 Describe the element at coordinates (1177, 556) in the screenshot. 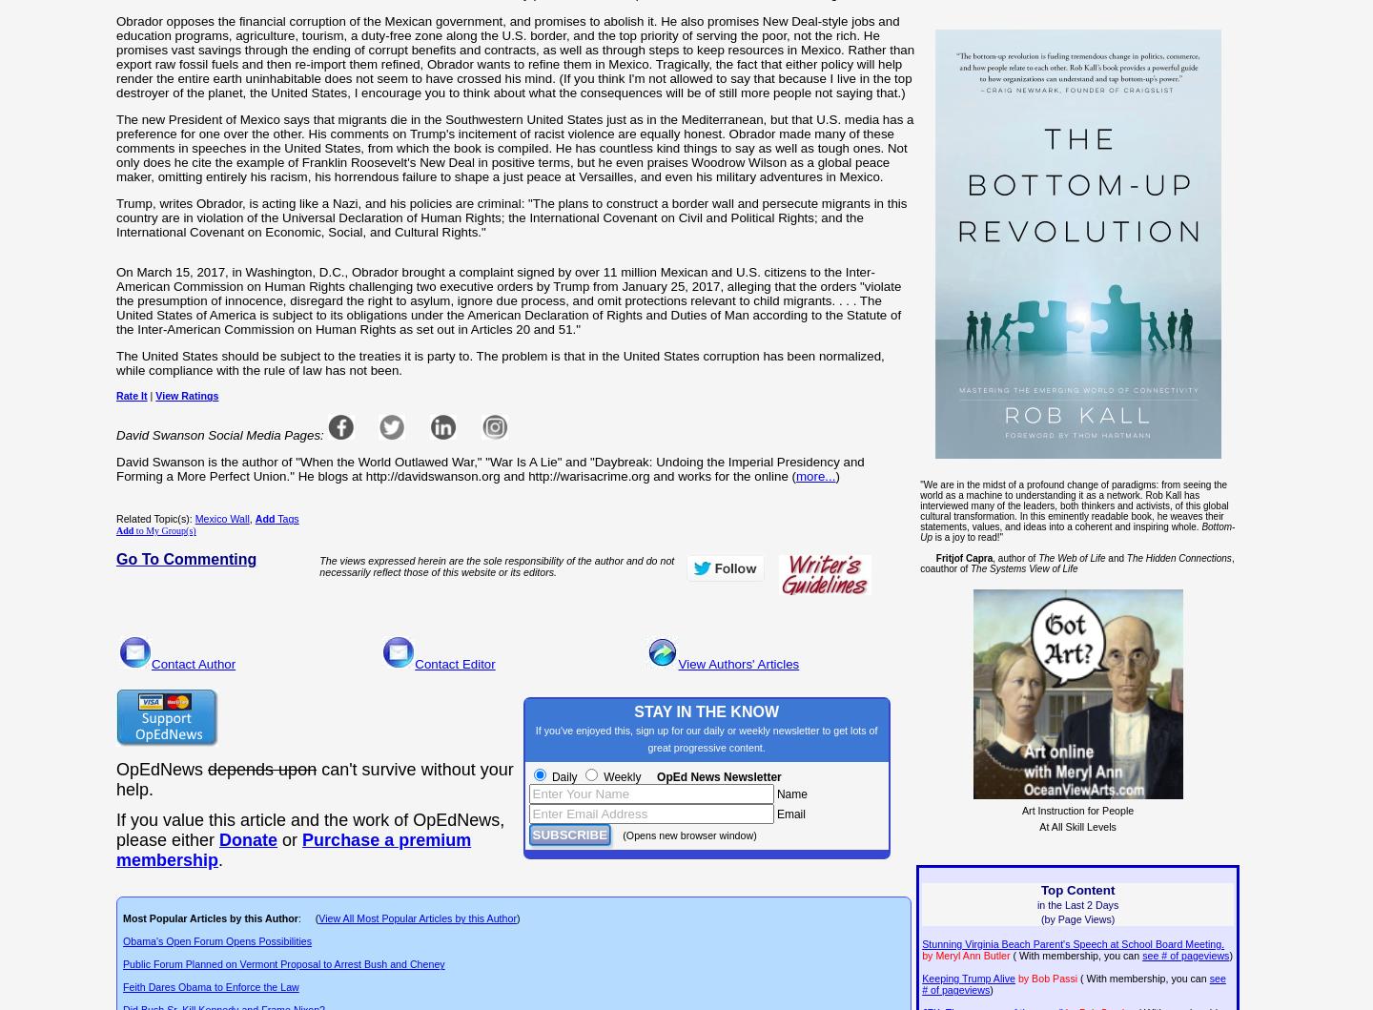

I see `'The Hidden Connections'` at that location.